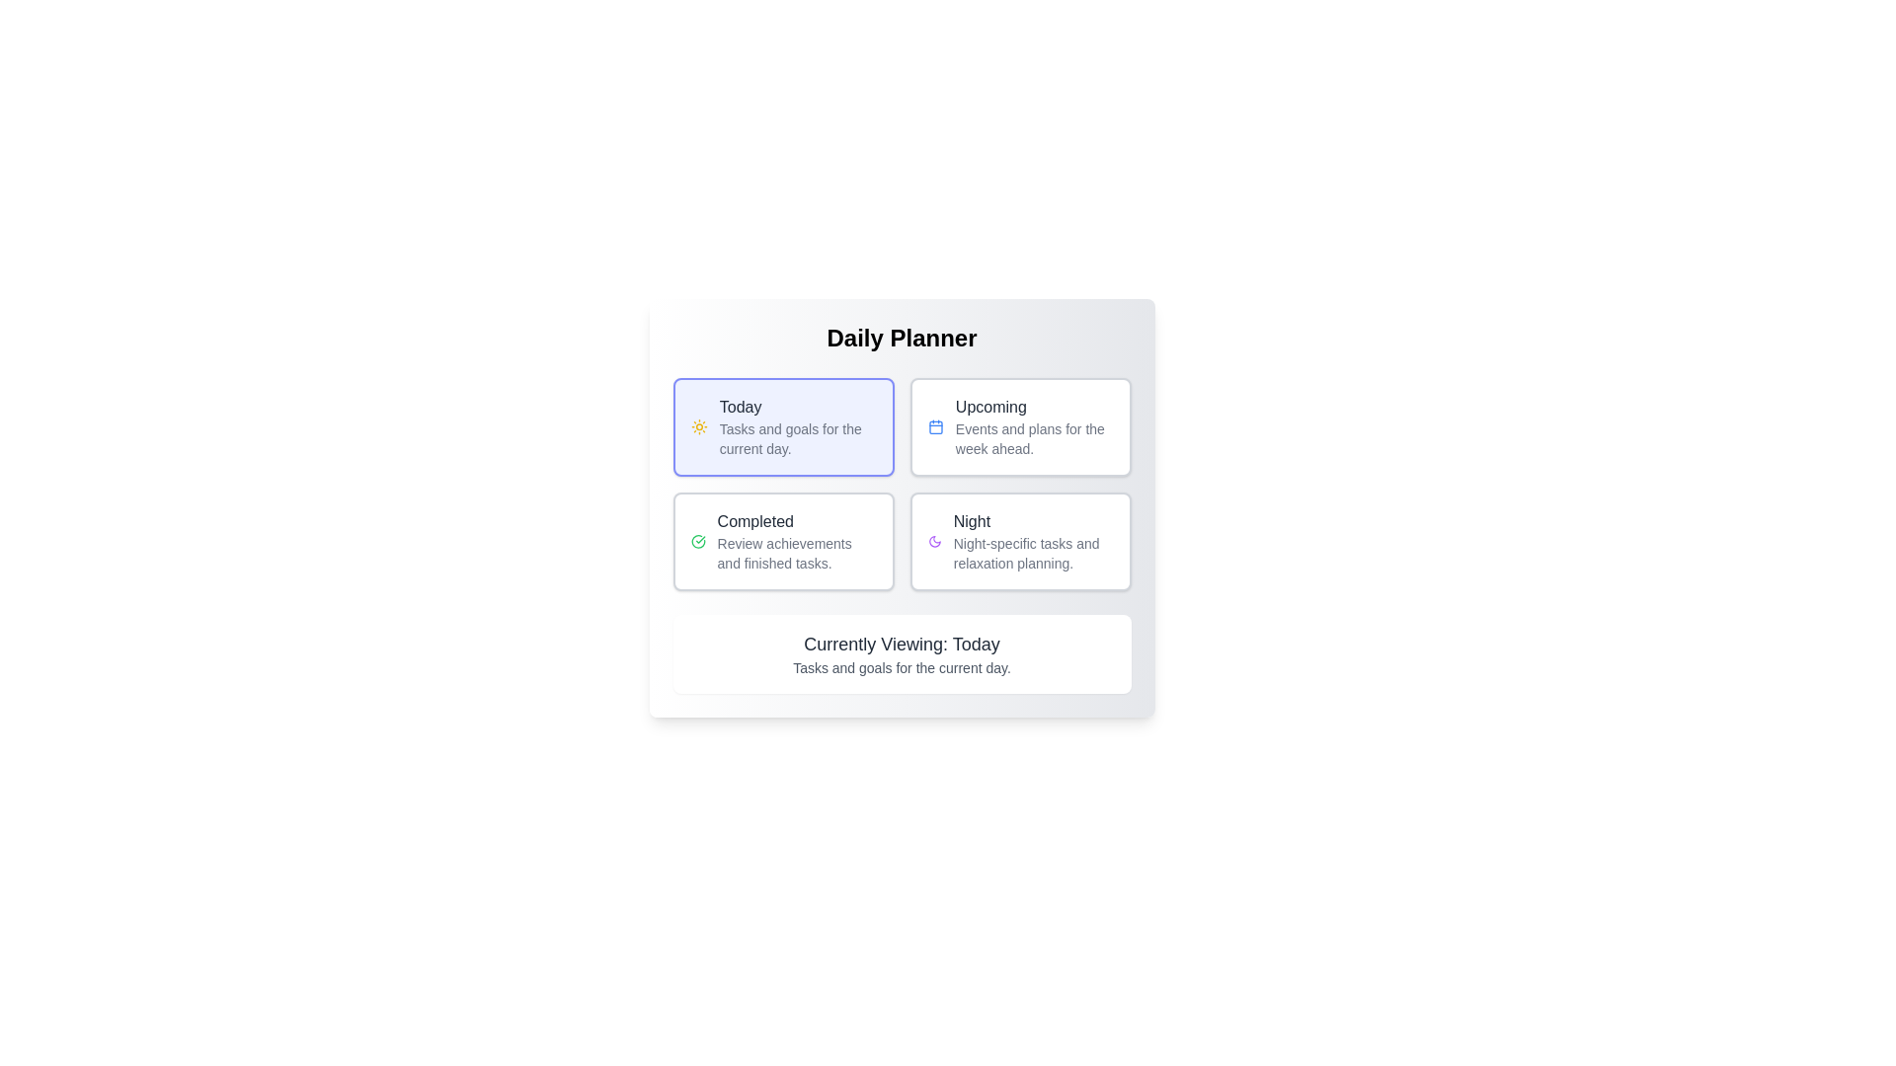  I want to click on the 'Night' card icon located at the bottom-right of the grid of cards, which is visually associated with nighttime tasks and relaxation planning, so click(933, 541).